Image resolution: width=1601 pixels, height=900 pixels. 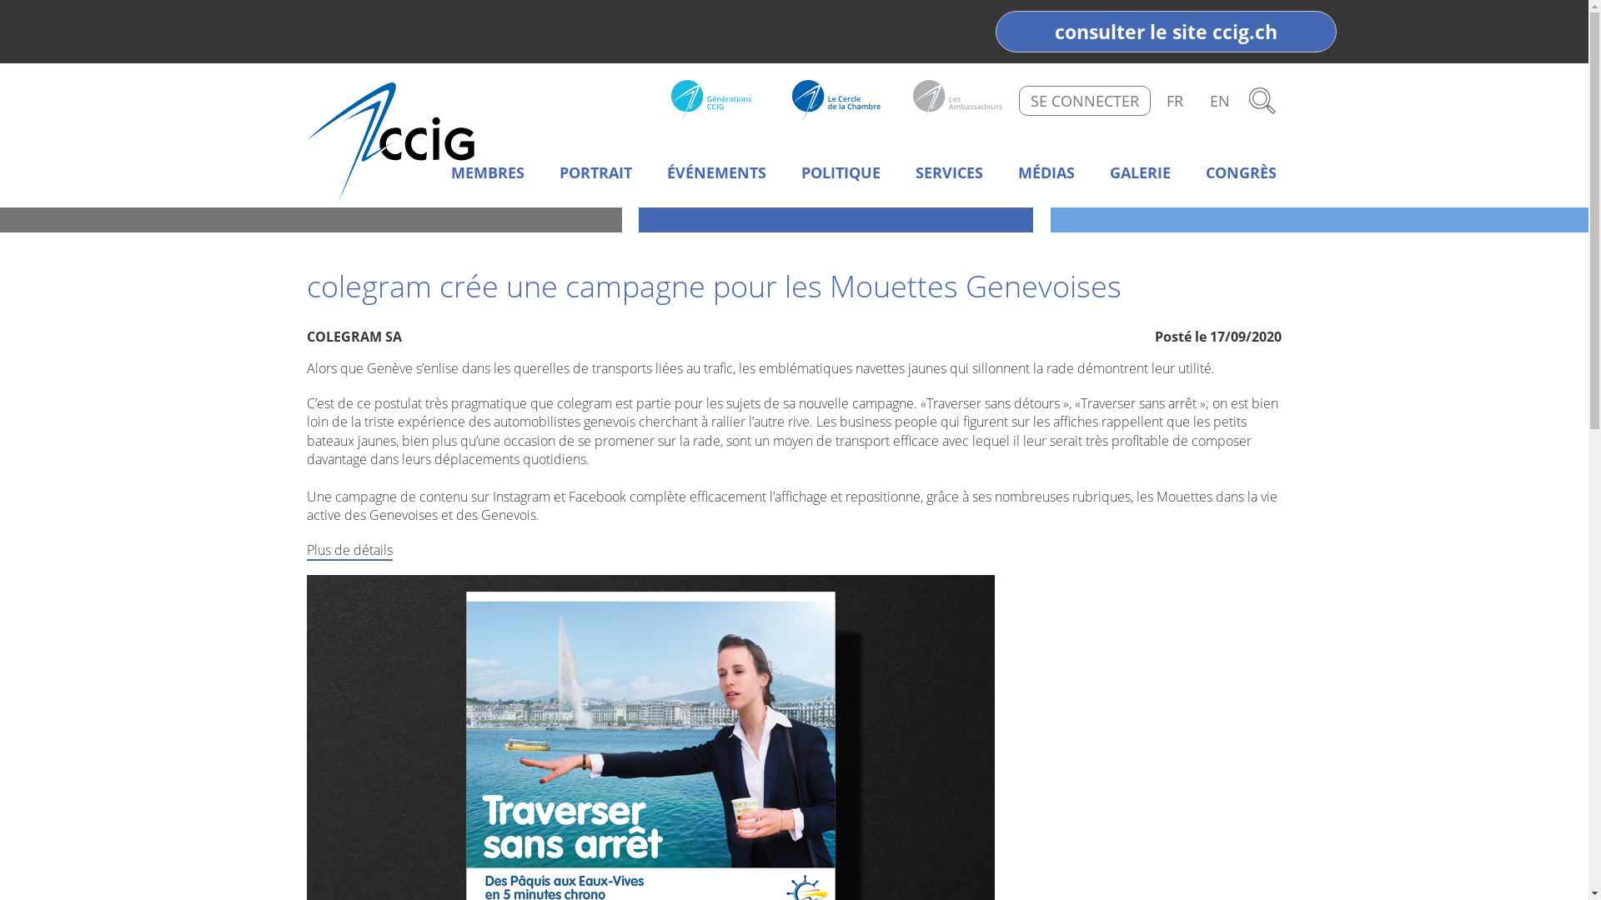 I want to click on 'Rechercher', so click(x=1243, y=100).